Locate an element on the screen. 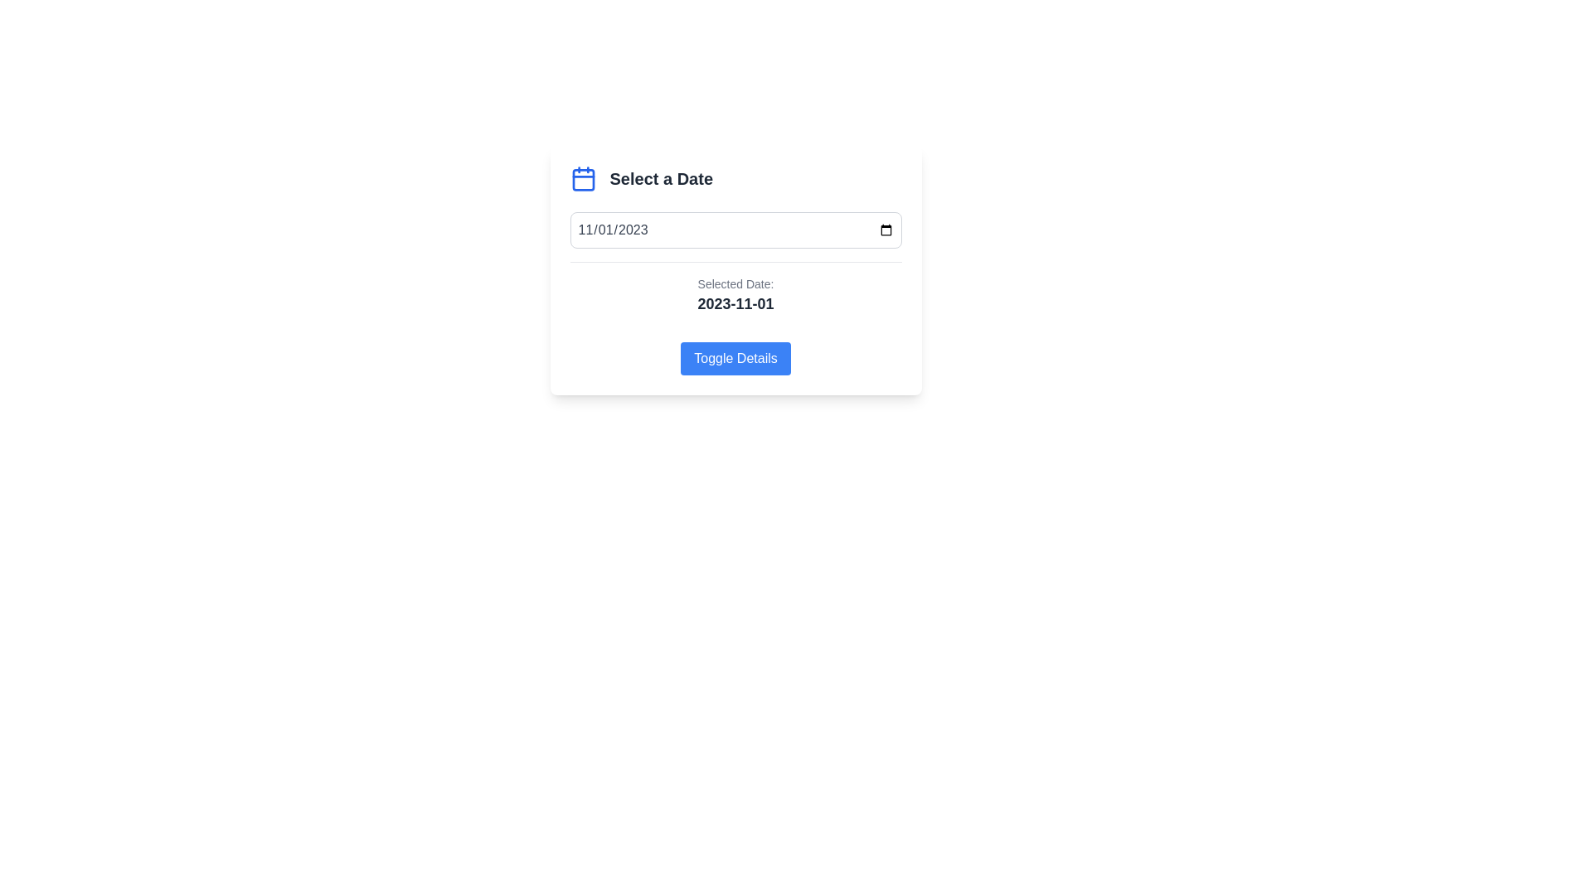  the Static Text Display that shows the selected date, which is styled with a gray border and is located between a date input field and a toggle button labeled 'Toggle Details.' is located at coordinates (735, 294).